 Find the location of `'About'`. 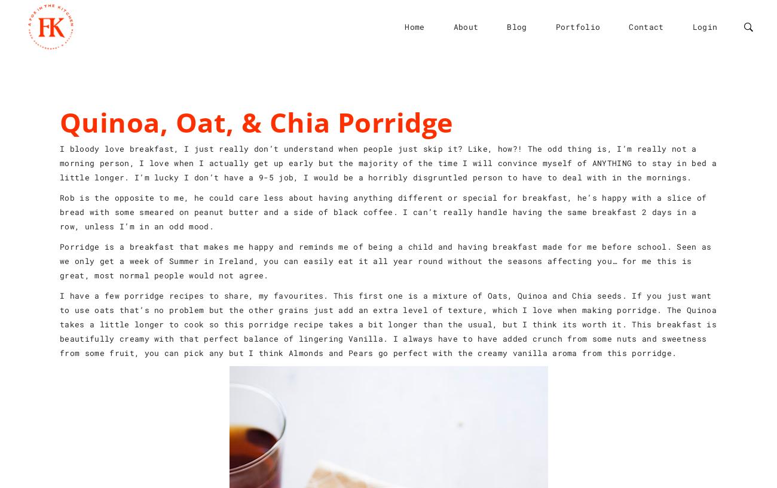

'About' is located at coordinates (464, 26).